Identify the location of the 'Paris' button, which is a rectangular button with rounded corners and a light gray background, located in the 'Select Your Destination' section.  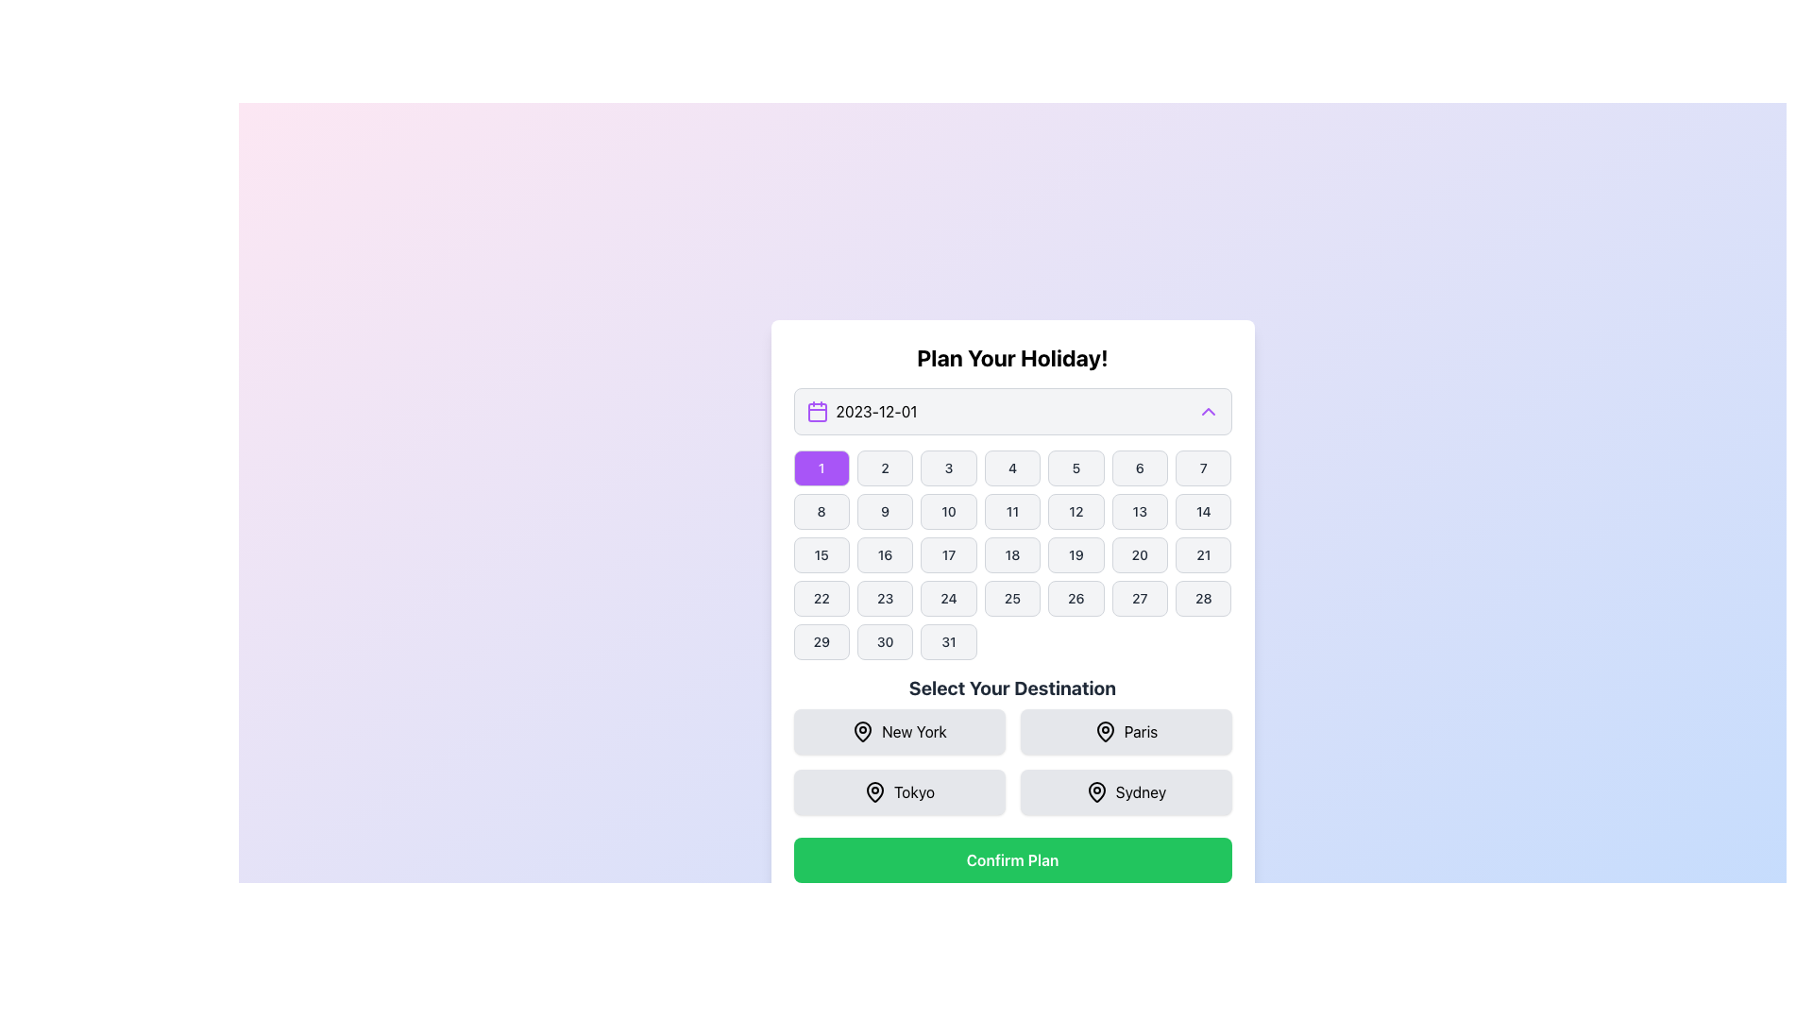
(1126, 731).